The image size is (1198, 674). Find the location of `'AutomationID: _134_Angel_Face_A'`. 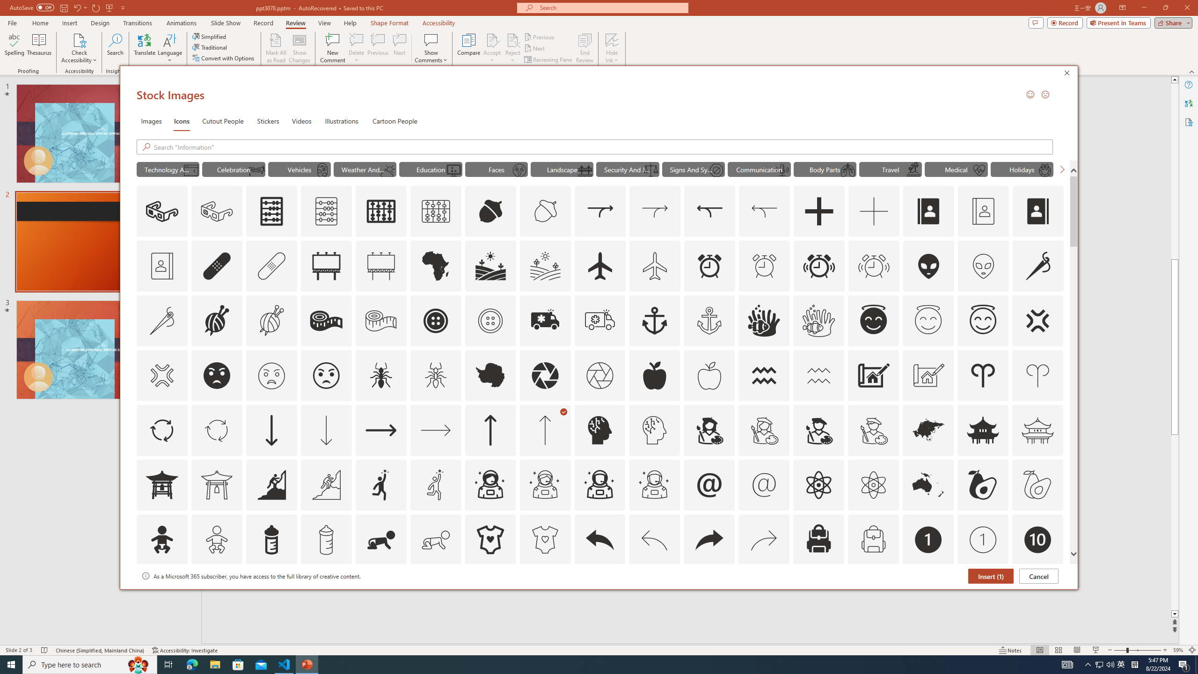

'AutomationID: _134_Angel_Face_A' is located at coordinates (873, 319).